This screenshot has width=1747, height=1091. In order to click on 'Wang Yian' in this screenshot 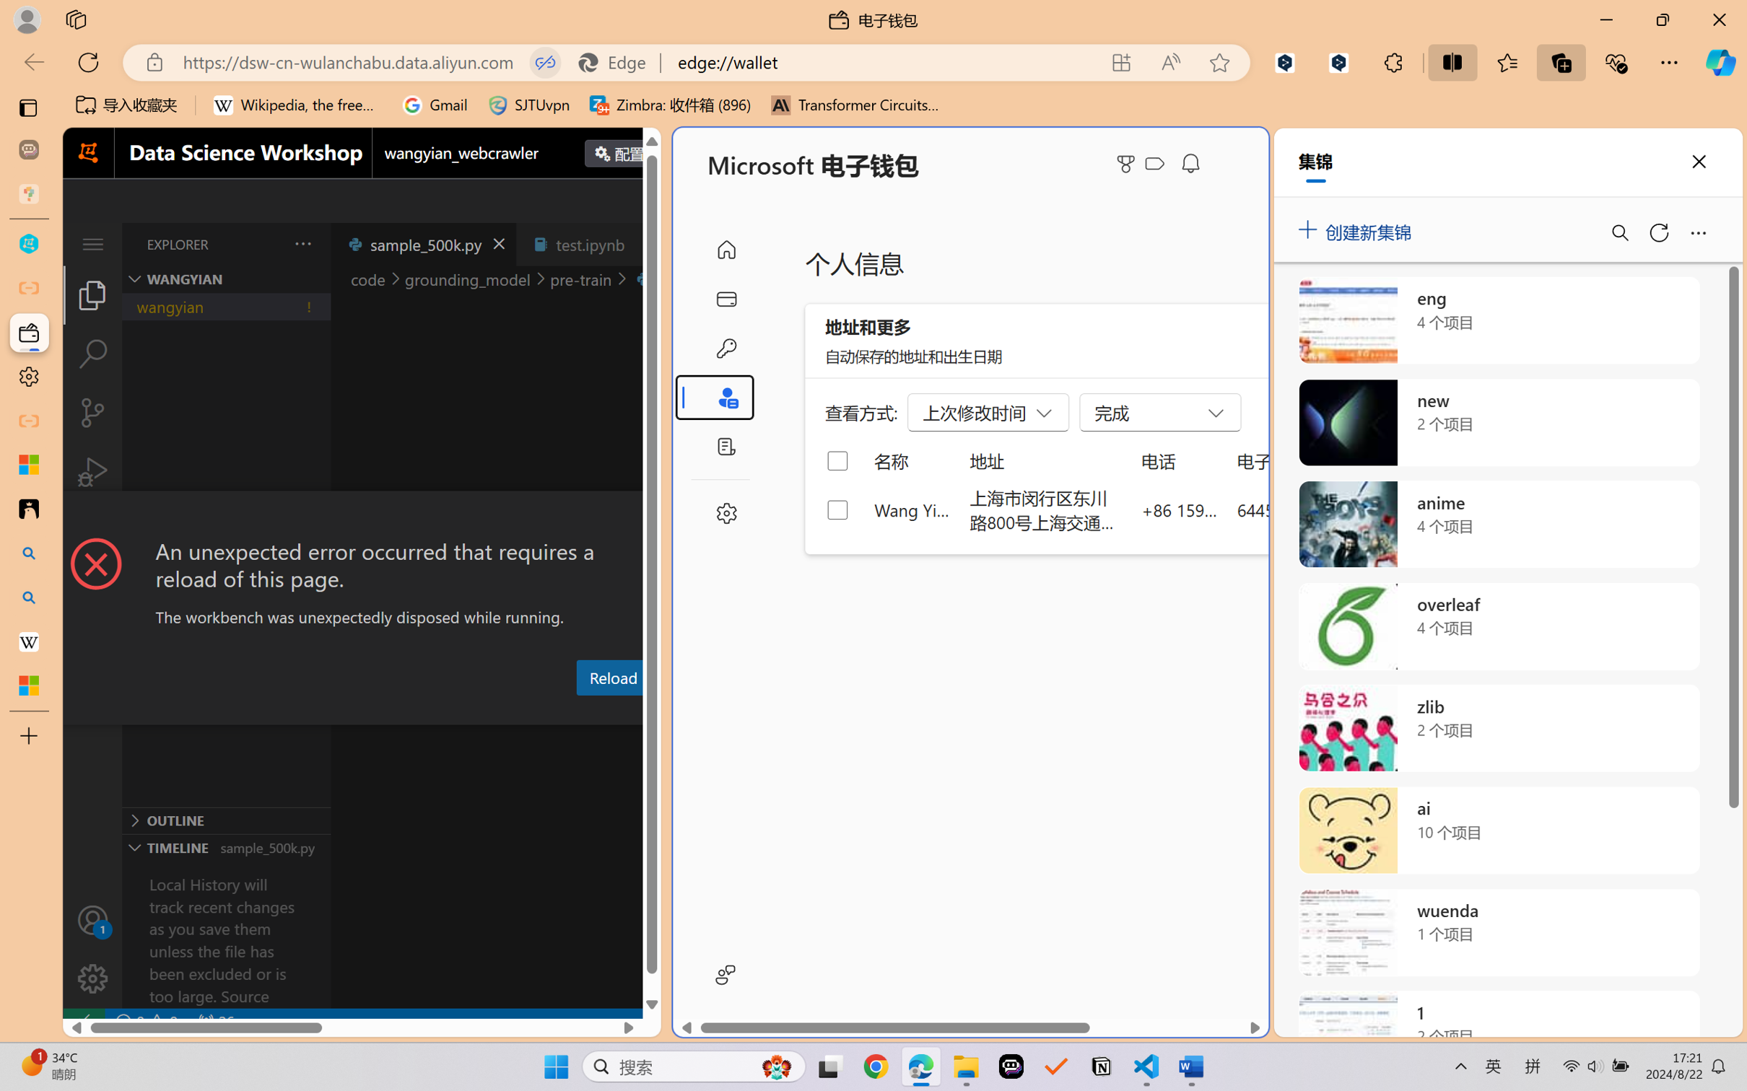, I will do `click(912, 509)`.